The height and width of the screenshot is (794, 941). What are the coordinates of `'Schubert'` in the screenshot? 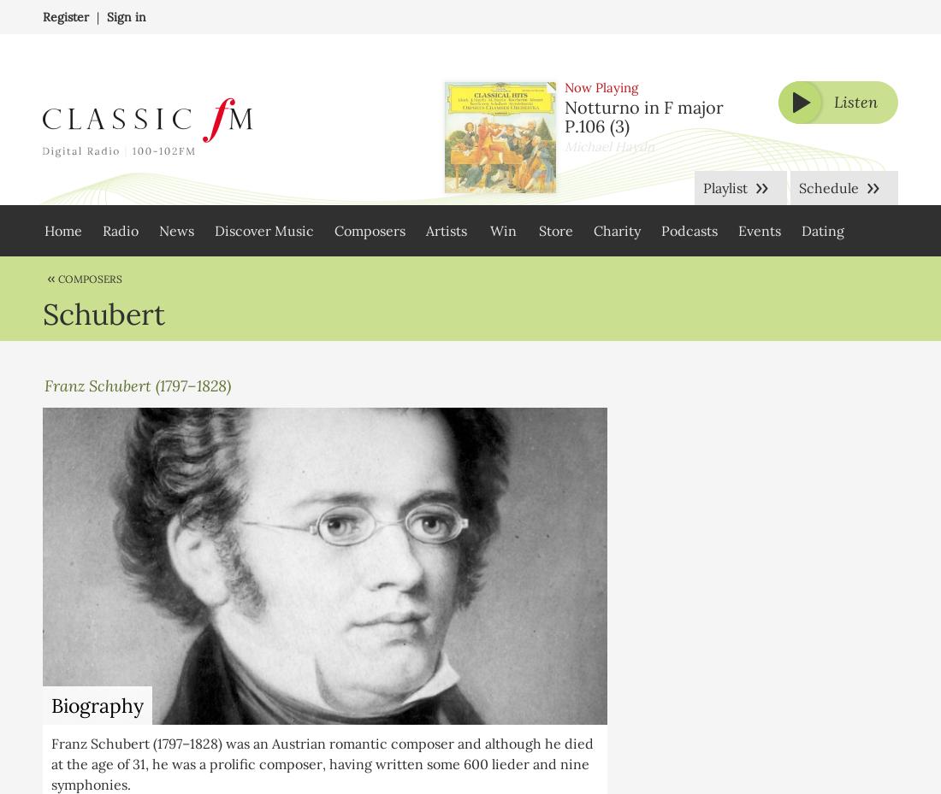 It's located at (104, 314).